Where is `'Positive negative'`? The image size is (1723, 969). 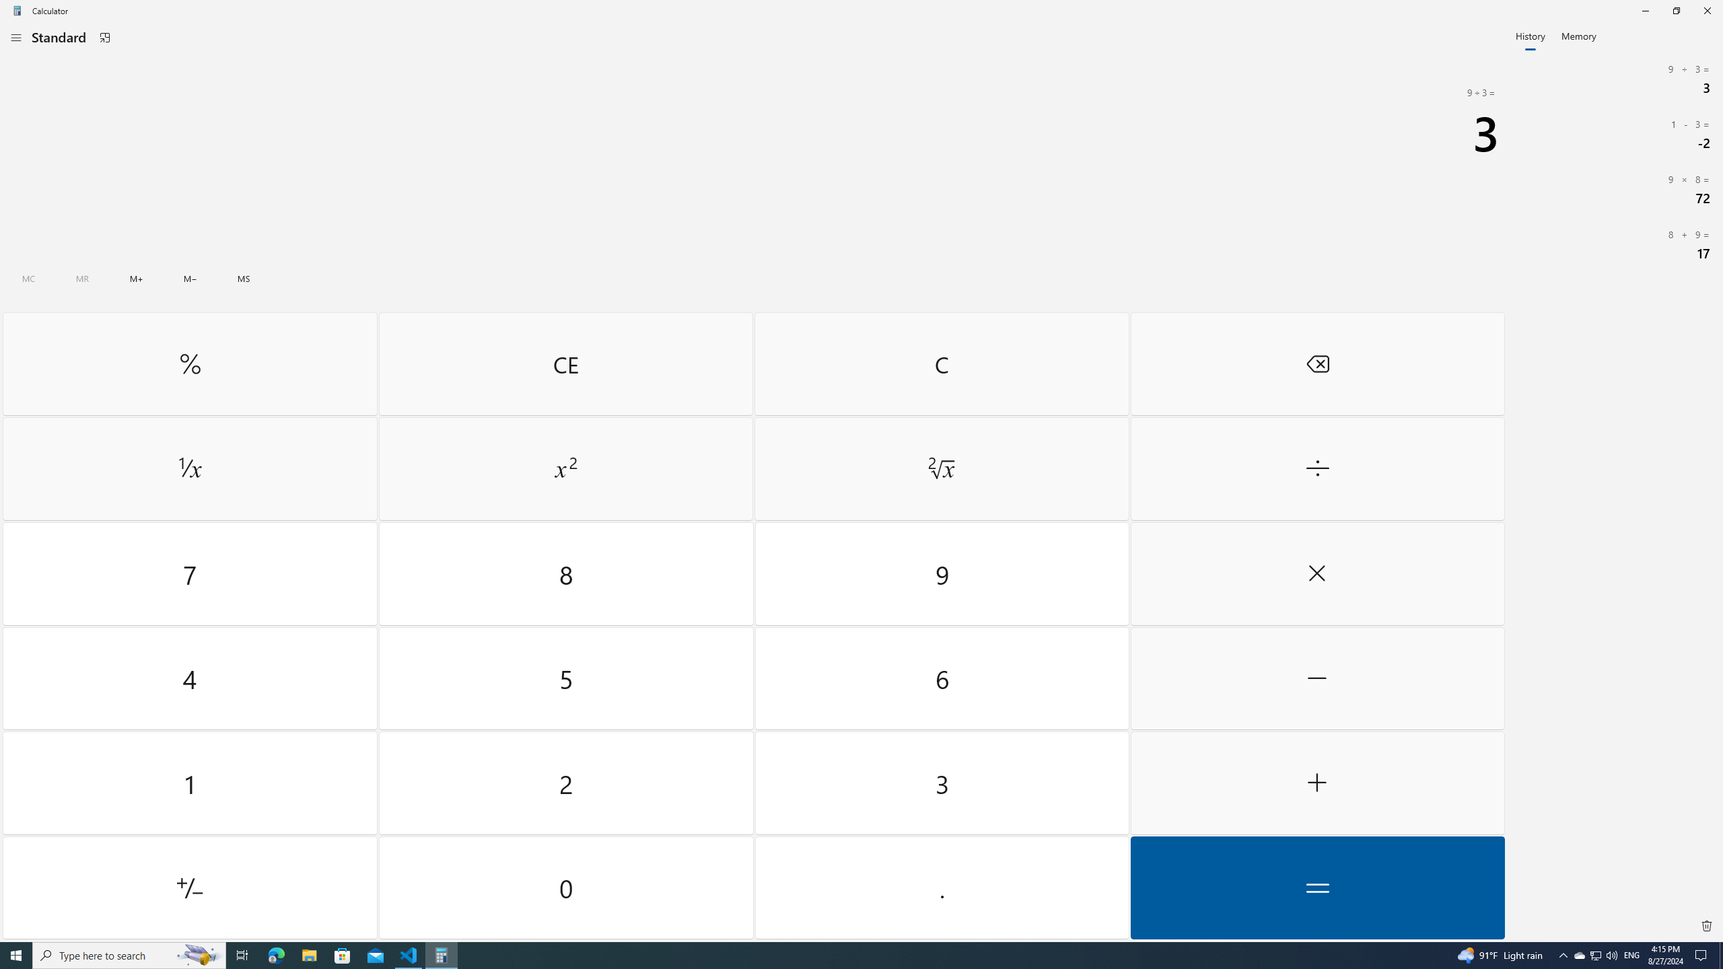 'Positive negative' is located at coordinates (189, 887).